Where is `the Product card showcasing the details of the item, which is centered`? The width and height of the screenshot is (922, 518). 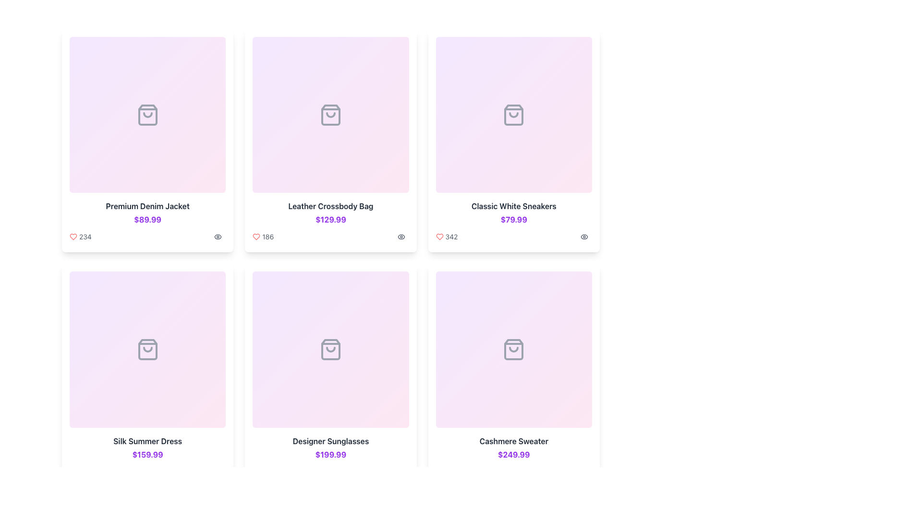 the Product card showcasing the details of the item, which is centered is located at coordinates (330, 141).